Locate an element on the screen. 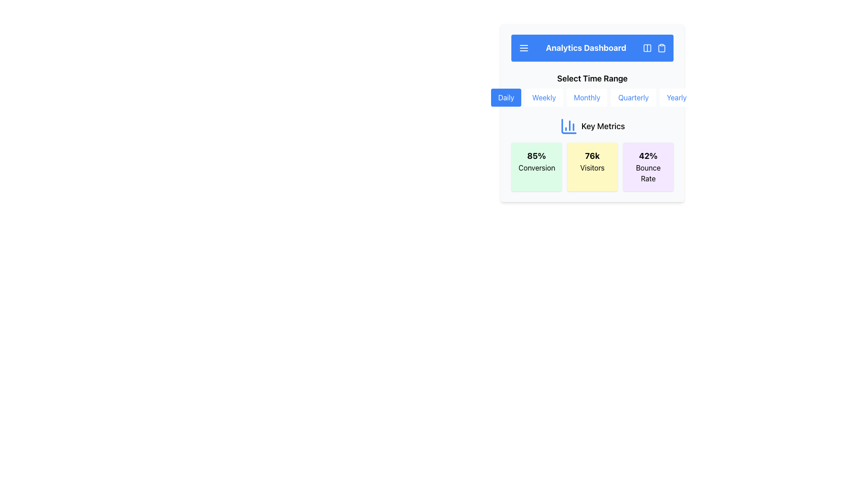  the Text label that describes the metric 'Conversion', located below the numerical value '85%' within the green rectangular card in the top-left area of the metrics section is located at coordinates (536, 168).